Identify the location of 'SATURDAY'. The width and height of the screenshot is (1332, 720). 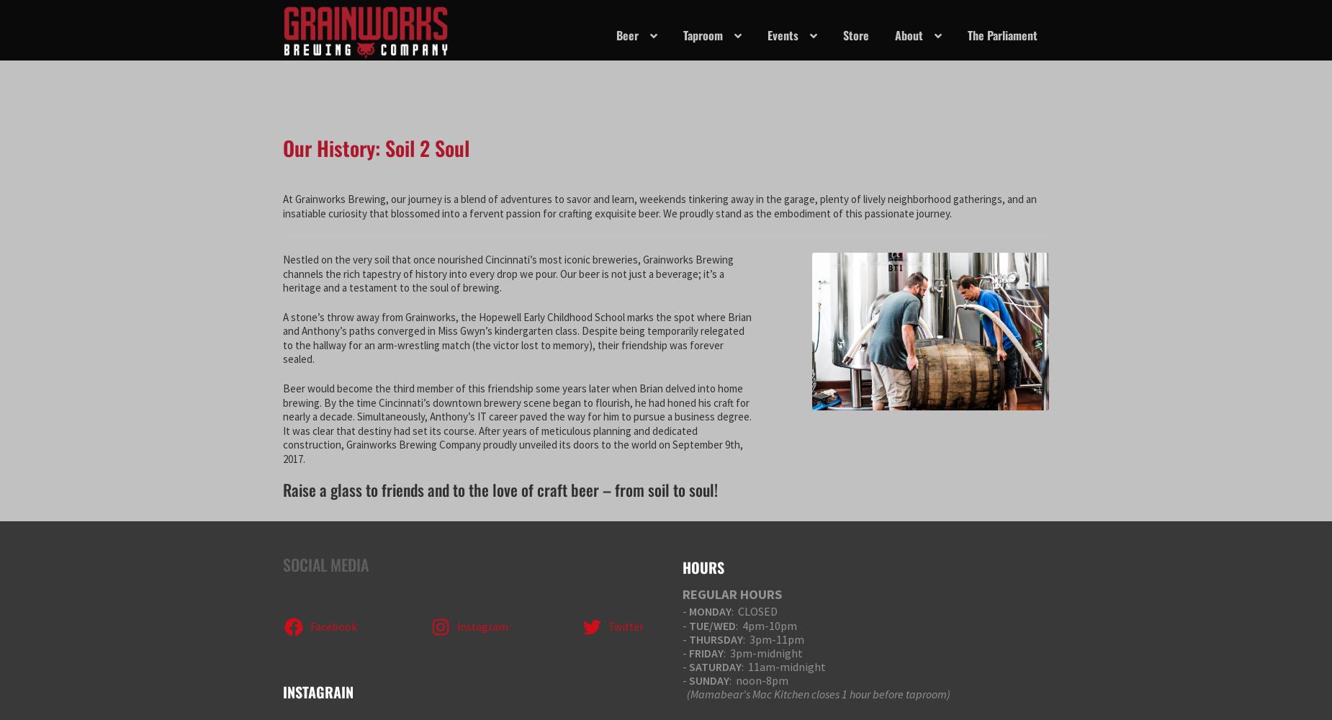
(714, 667).